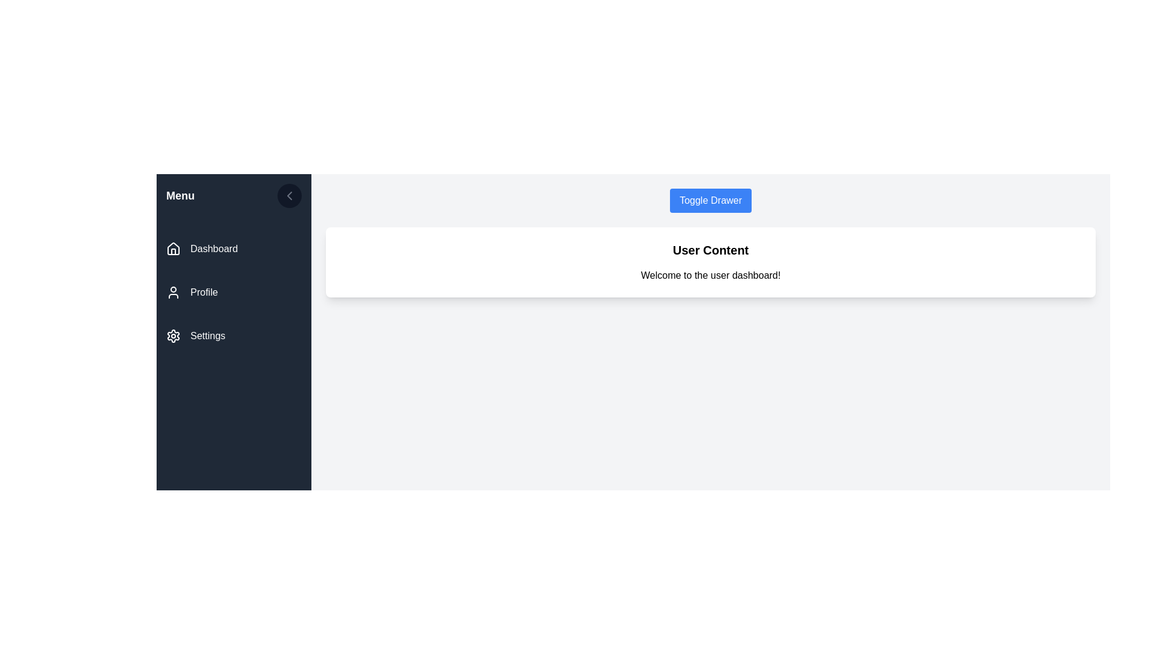 This screenshot has width=1161, height=653. Describe the element at coordinates (234, 336) in the screenshot. I see `the third menu item labeled 'Settings' in the vertical navigation menu` at that location.